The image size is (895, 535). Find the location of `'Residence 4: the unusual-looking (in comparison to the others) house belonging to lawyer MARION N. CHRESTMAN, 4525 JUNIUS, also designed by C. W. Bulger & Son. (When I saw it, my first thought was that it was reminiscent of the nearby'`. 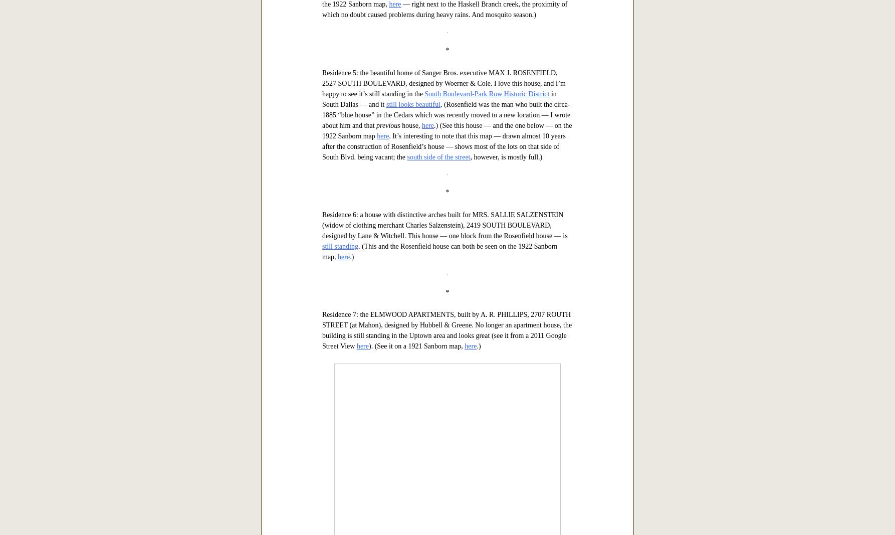

'Residence 4: the unusual-looking (in comparison to the others) house belonging to lawyer MARION N. CHRESTMAN, 4525 JUNIUS, also designed by C. W. Bulger & Son. (When I saw it, my first thought was that it was reminiscent of the nearby' is located at coordinates (442, 255).